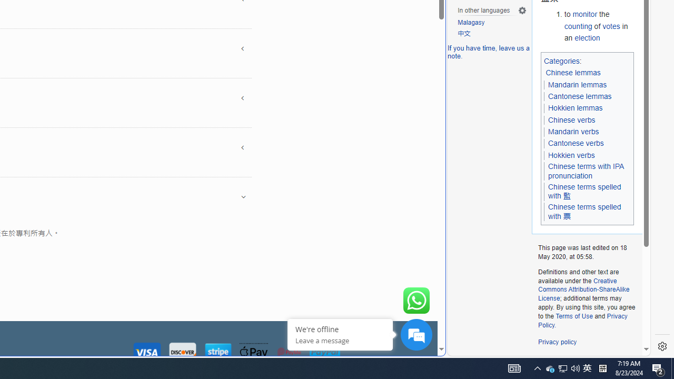  I want to click on 'Global web icon', so click(467, 349).